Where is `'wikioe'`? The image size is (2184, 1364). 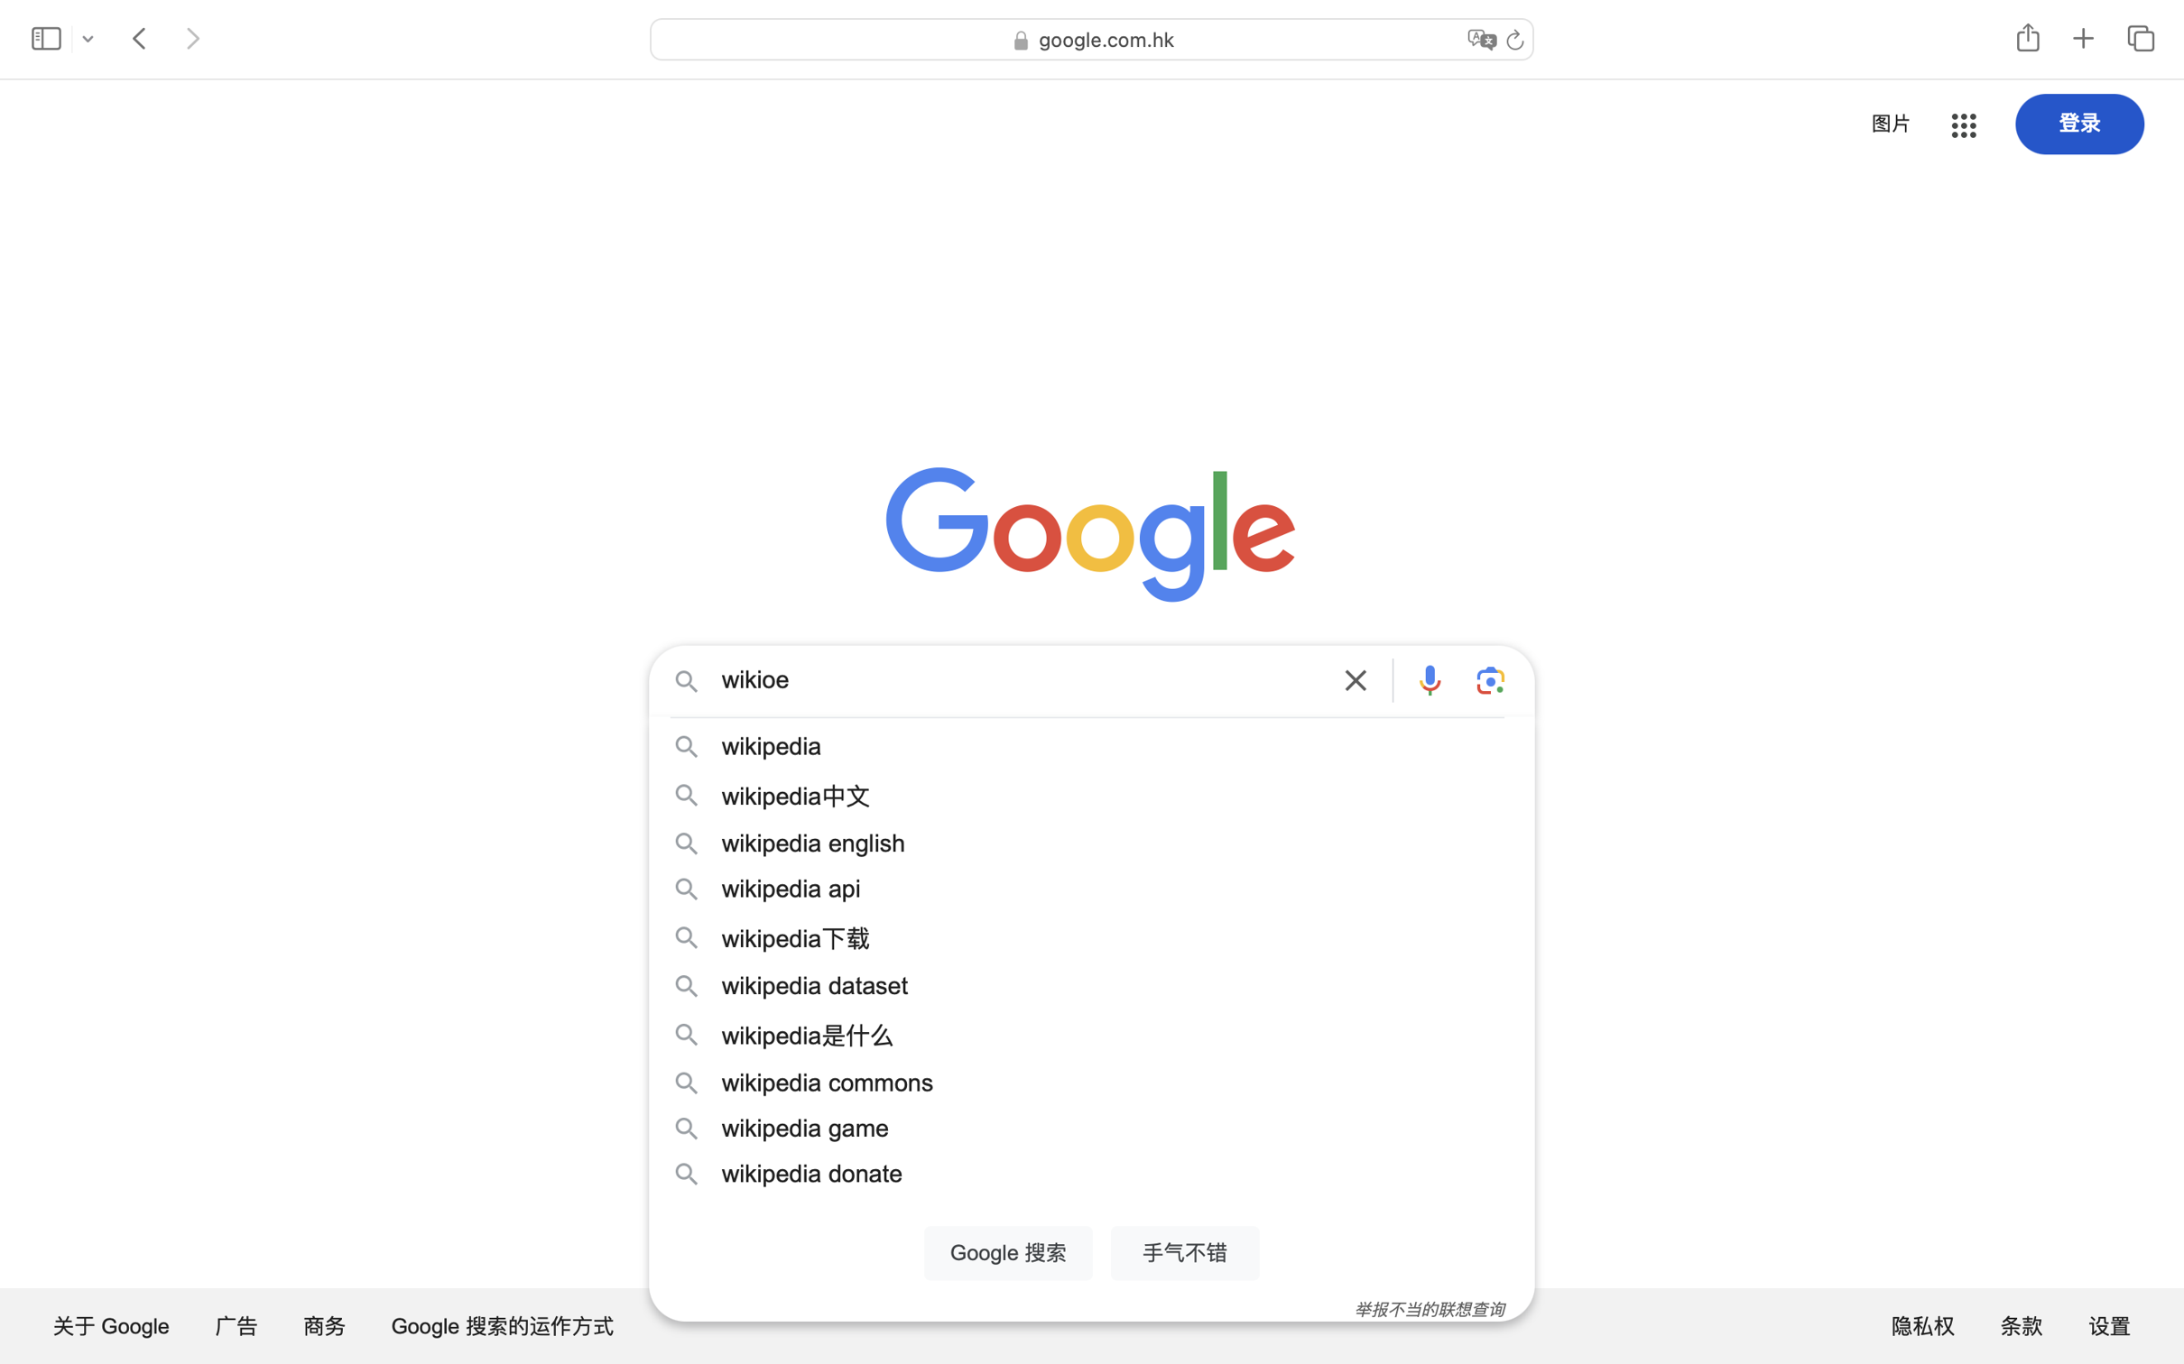 'wikioe' is located at coordinates (1020, 682).